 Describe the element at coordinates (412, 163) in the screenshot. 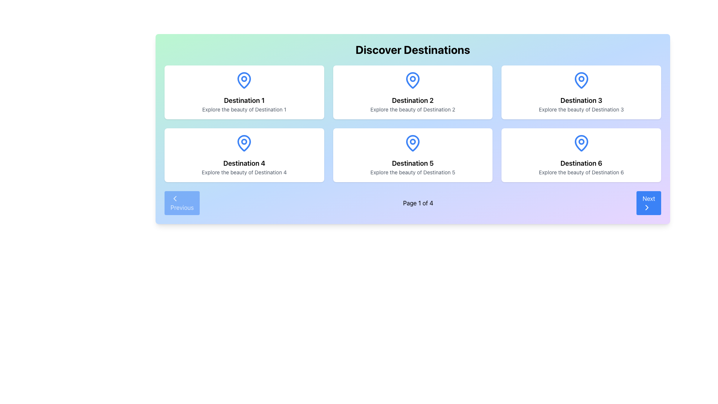

I see `the bold text label reading 'Destination 5', which is prominently displayed in a white rectangular card, positioned in the second row and second column of a grid layout` at that location.